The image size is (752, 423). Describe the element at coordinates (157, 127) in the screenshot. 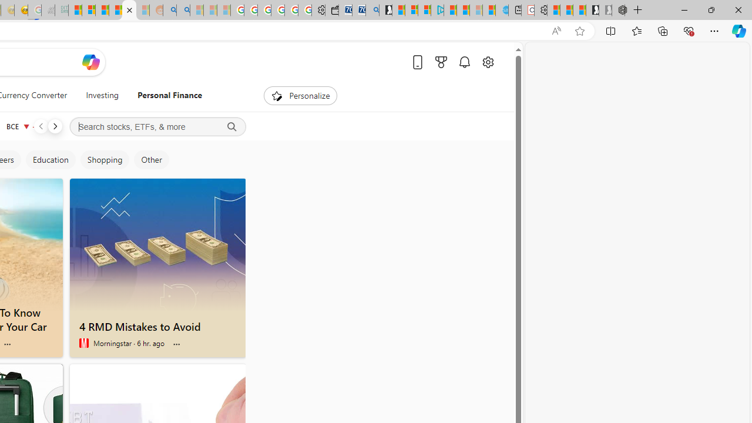

I see `'Search stocks, ETFs, & more'` at that location.